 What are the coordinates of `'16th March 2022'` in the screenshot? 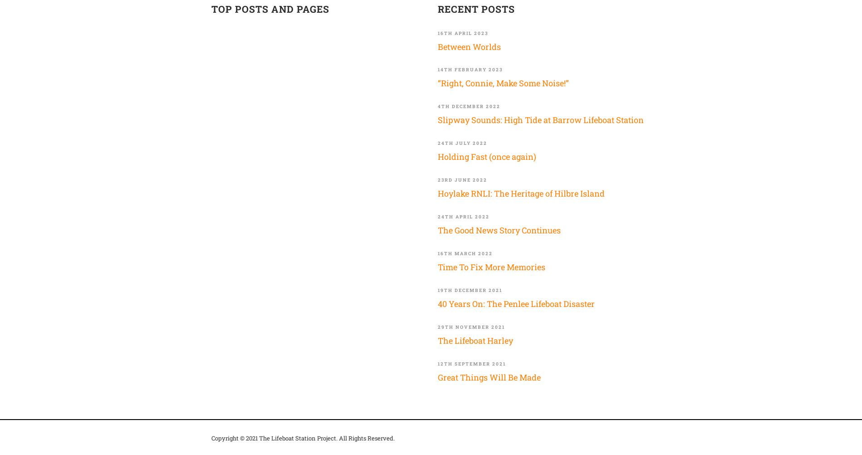 It's located at (465, 253).